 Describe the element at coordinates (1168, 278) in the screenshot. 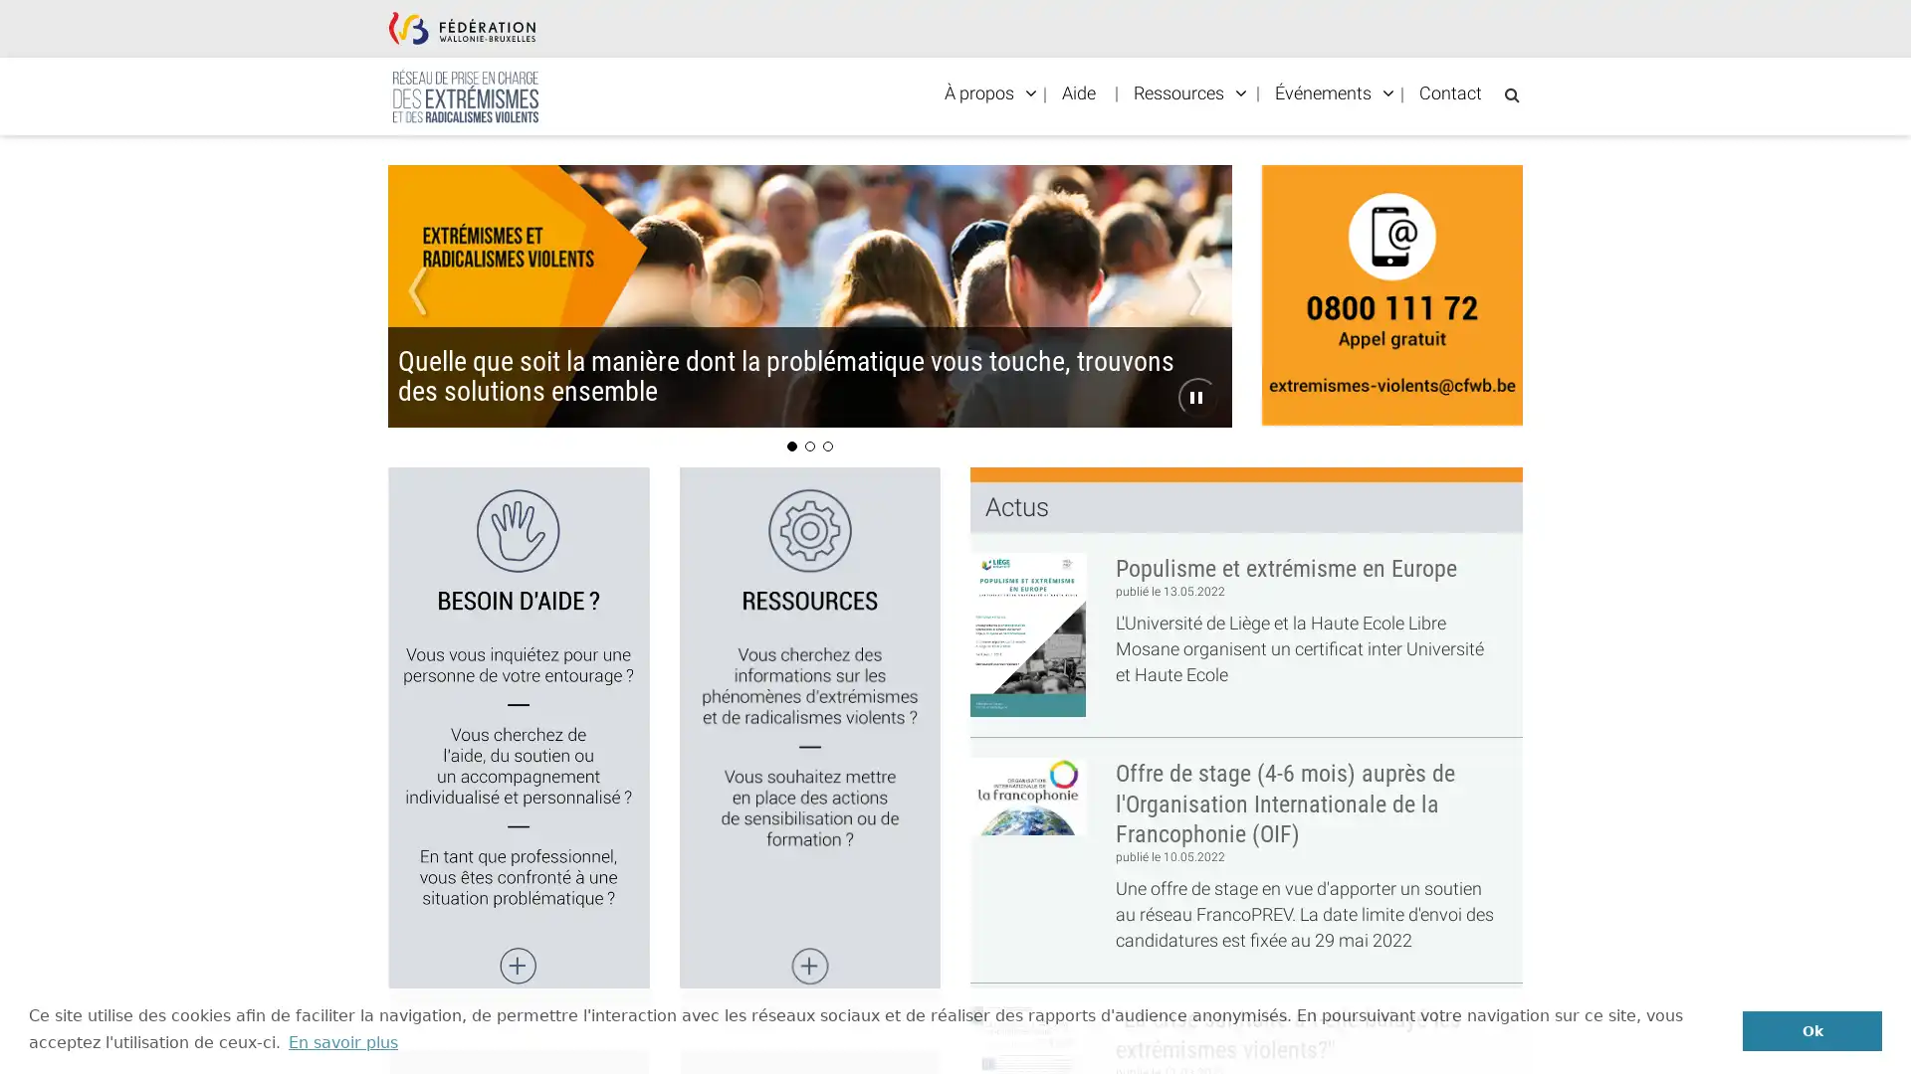

I see `Suivant` at that location.